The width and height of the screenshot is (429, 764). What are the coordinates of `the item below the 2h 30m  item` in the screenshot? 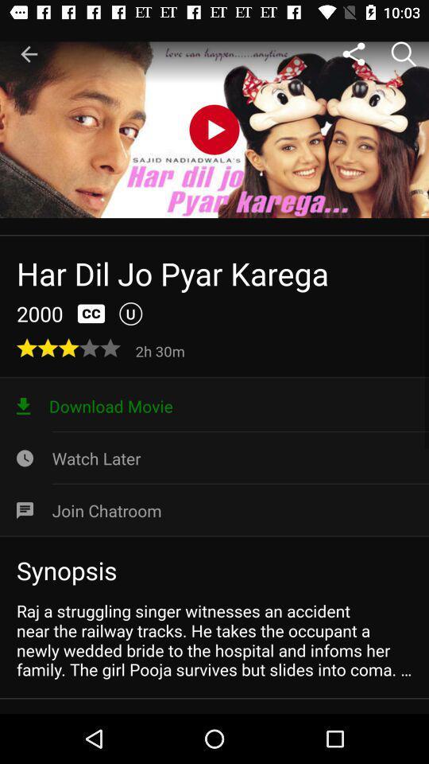 It's located at (214, 405).